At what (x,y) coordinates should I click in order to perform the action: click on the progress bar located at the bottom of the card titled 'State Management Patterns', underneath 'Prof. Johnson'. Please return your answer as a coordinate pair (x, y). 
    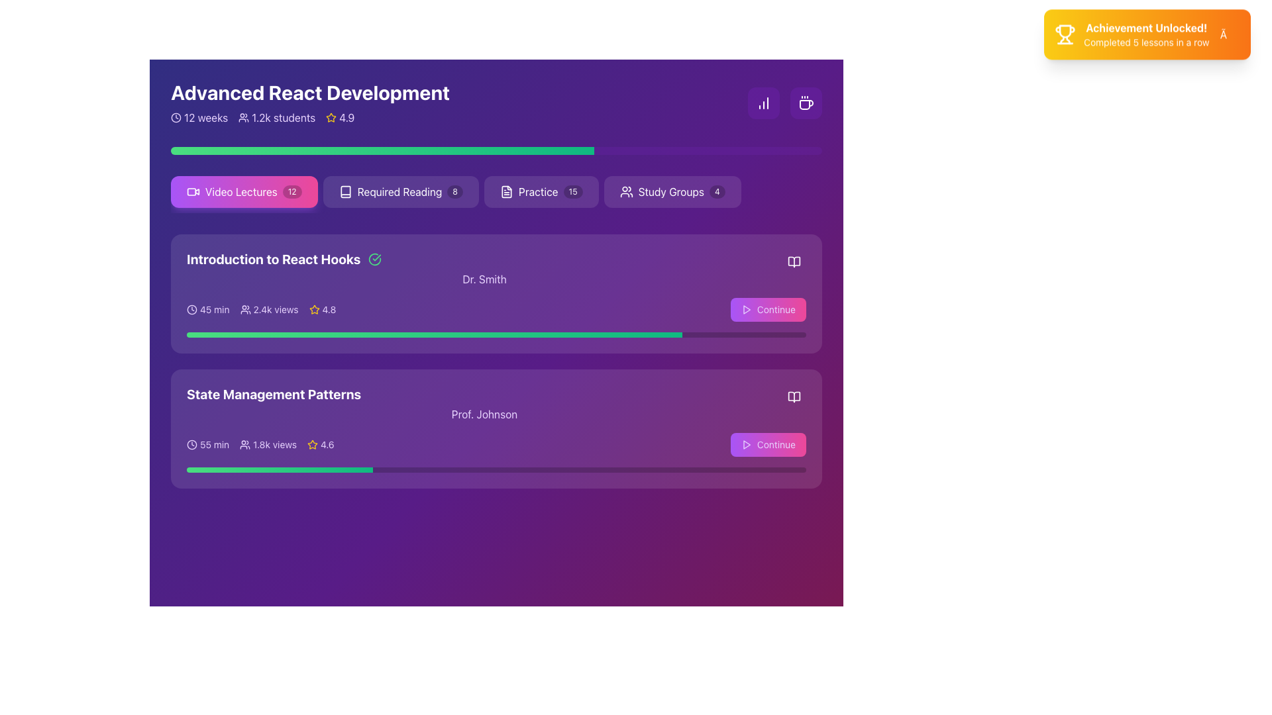
    Looking at the image, I should click on (496, 469).